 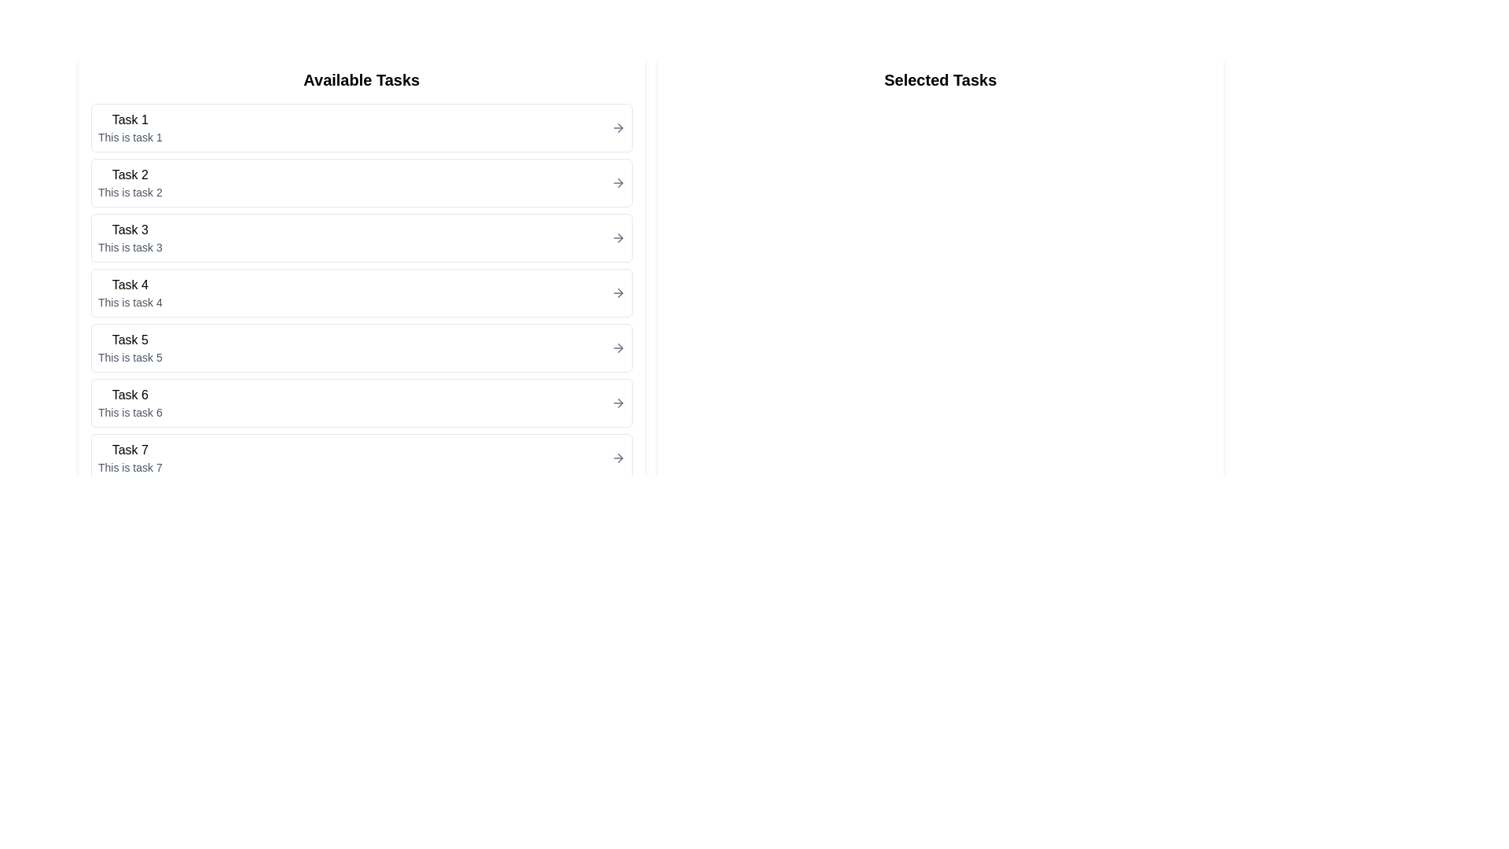 What do you see at coordinates (130, 303) in the screenshot?
I see `the static text element that provides additional information for 'Task 4', located below the 'Task 4' label on the left-hand side of the interface` at bounding box center [130, 303].